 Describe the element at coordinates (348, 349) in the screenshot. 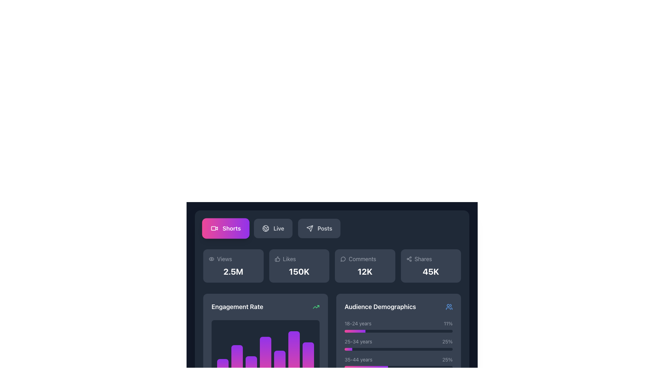

I see `the pink to purple gradient progress bar segment located at the start of the progress bar in the bottom portion of the interface` at that location.